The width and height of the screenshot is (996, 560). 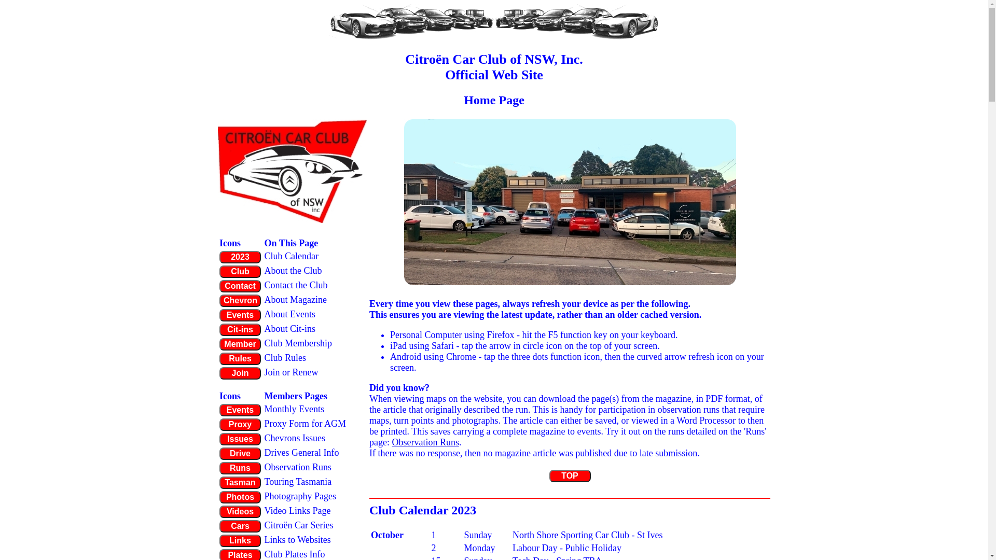 I want to click on 'Videos', so click(x=218, y=511).